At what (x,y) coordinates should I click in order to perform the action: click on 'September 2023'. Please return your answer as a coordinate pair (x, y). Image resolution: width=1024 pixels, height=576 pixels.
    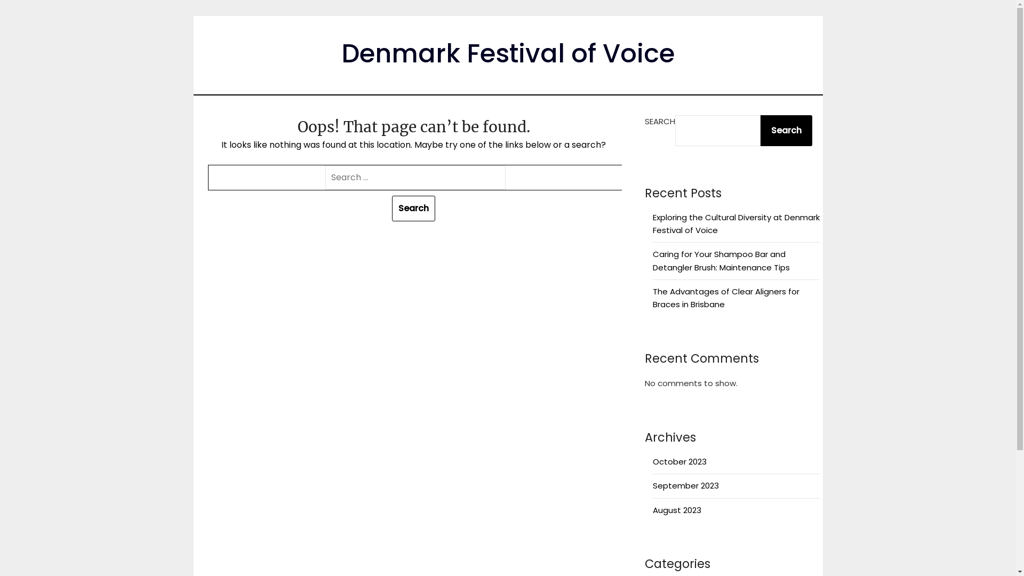
    Looking at the image, I should click on (686, 485).